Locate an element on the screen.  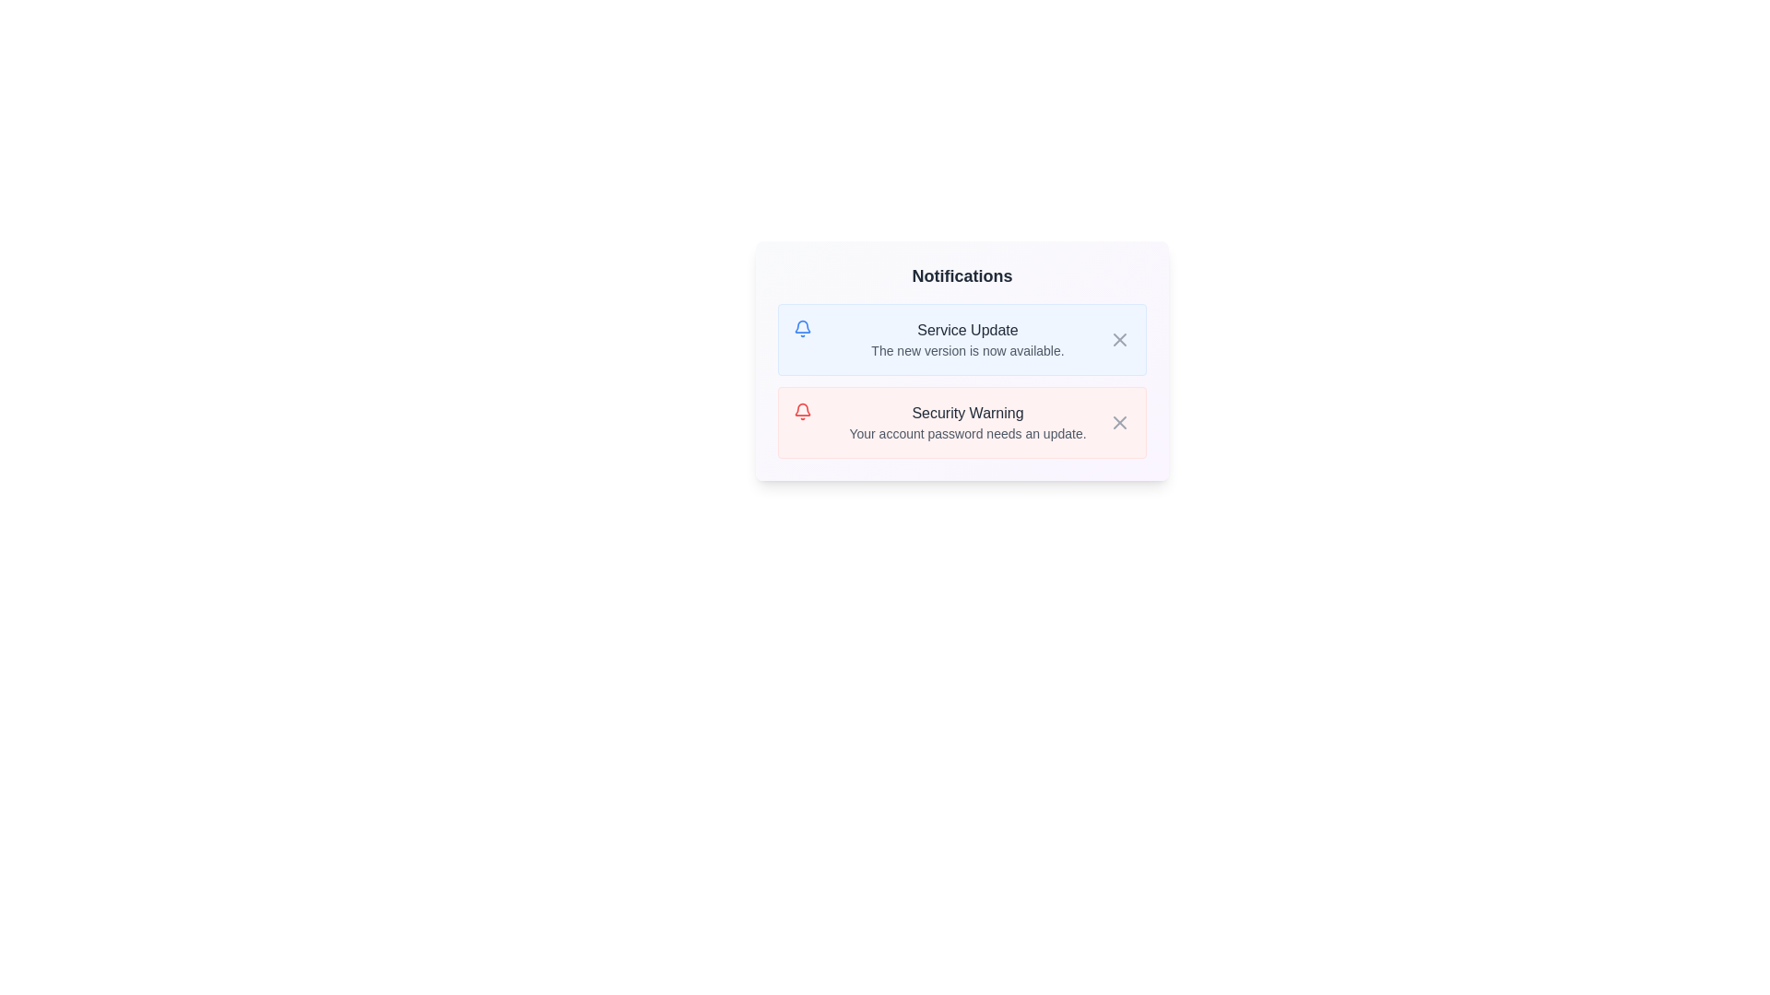
the text label that reads 'Your account password needs an update.' which is styled with a small font size and gray color, located within the notification box under 'Security Warning.' is located at coordinates (967, 433).